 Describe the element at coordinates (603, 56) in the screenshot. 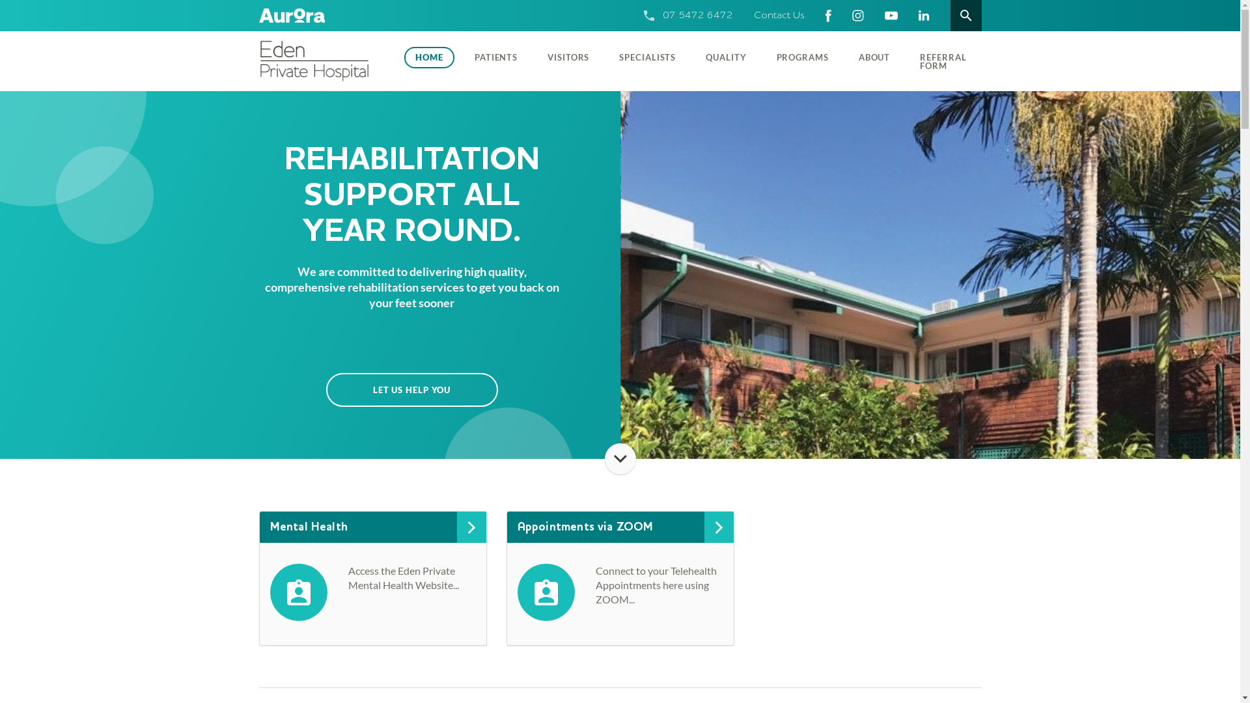

I see `'SPECIALISTS'` at that location.